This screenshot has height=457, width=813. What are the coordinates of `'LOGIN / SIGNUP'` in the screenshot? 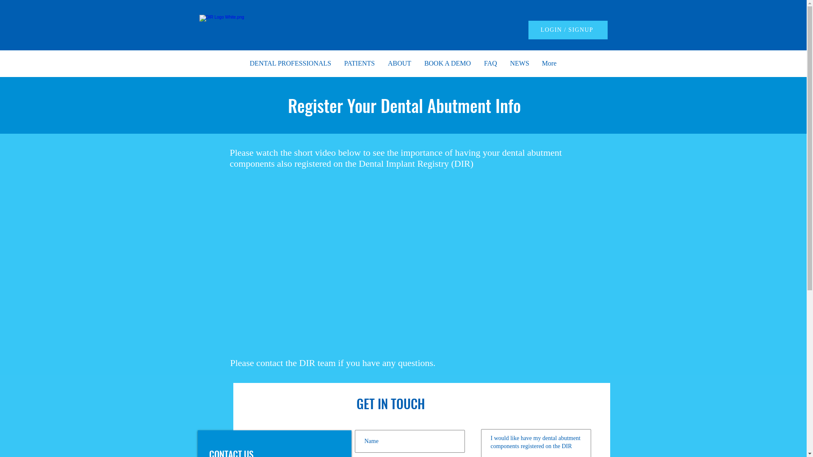 It's located at (568, 29).